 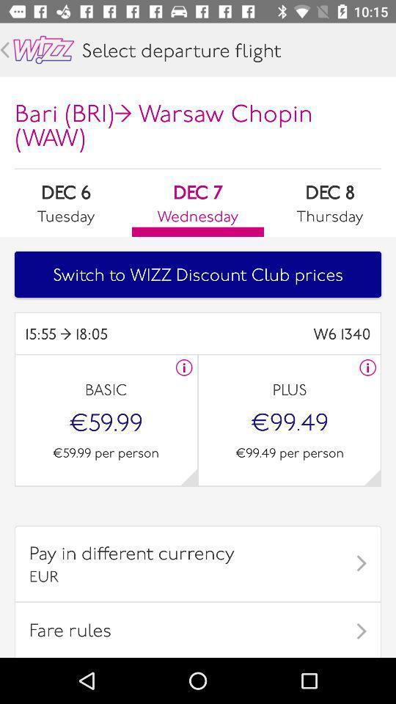 What do you see at coordinates (189, 476) in the screenshot?
I see `content` at bounding box center [189, 476].